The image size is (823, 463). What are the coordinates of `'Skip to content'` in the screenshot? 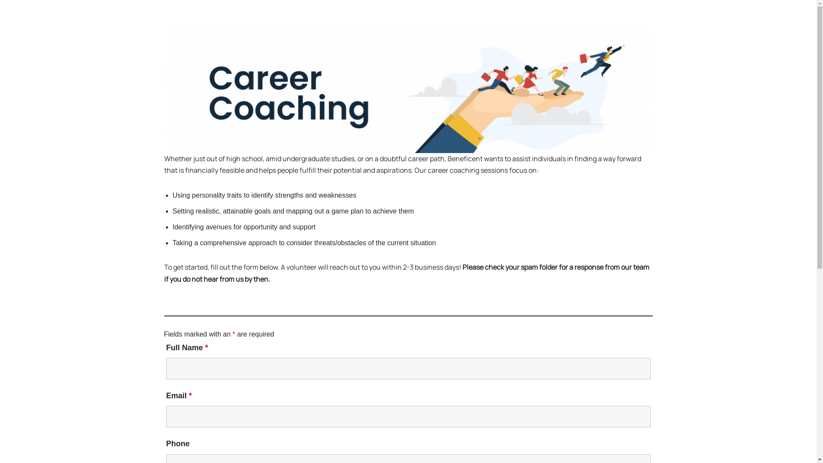 It's located at (0, 18).